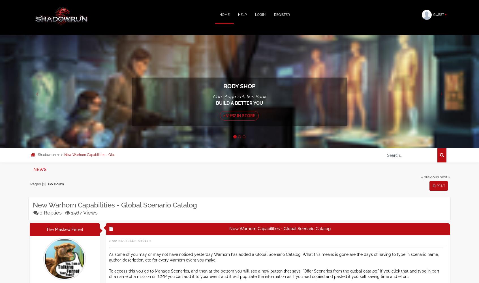 The height and width of the screenshot is (283, 479). What do you see at coordinates (260, 15) in the screenshot?
I see `'Login'` at bounding box center [260, 15].